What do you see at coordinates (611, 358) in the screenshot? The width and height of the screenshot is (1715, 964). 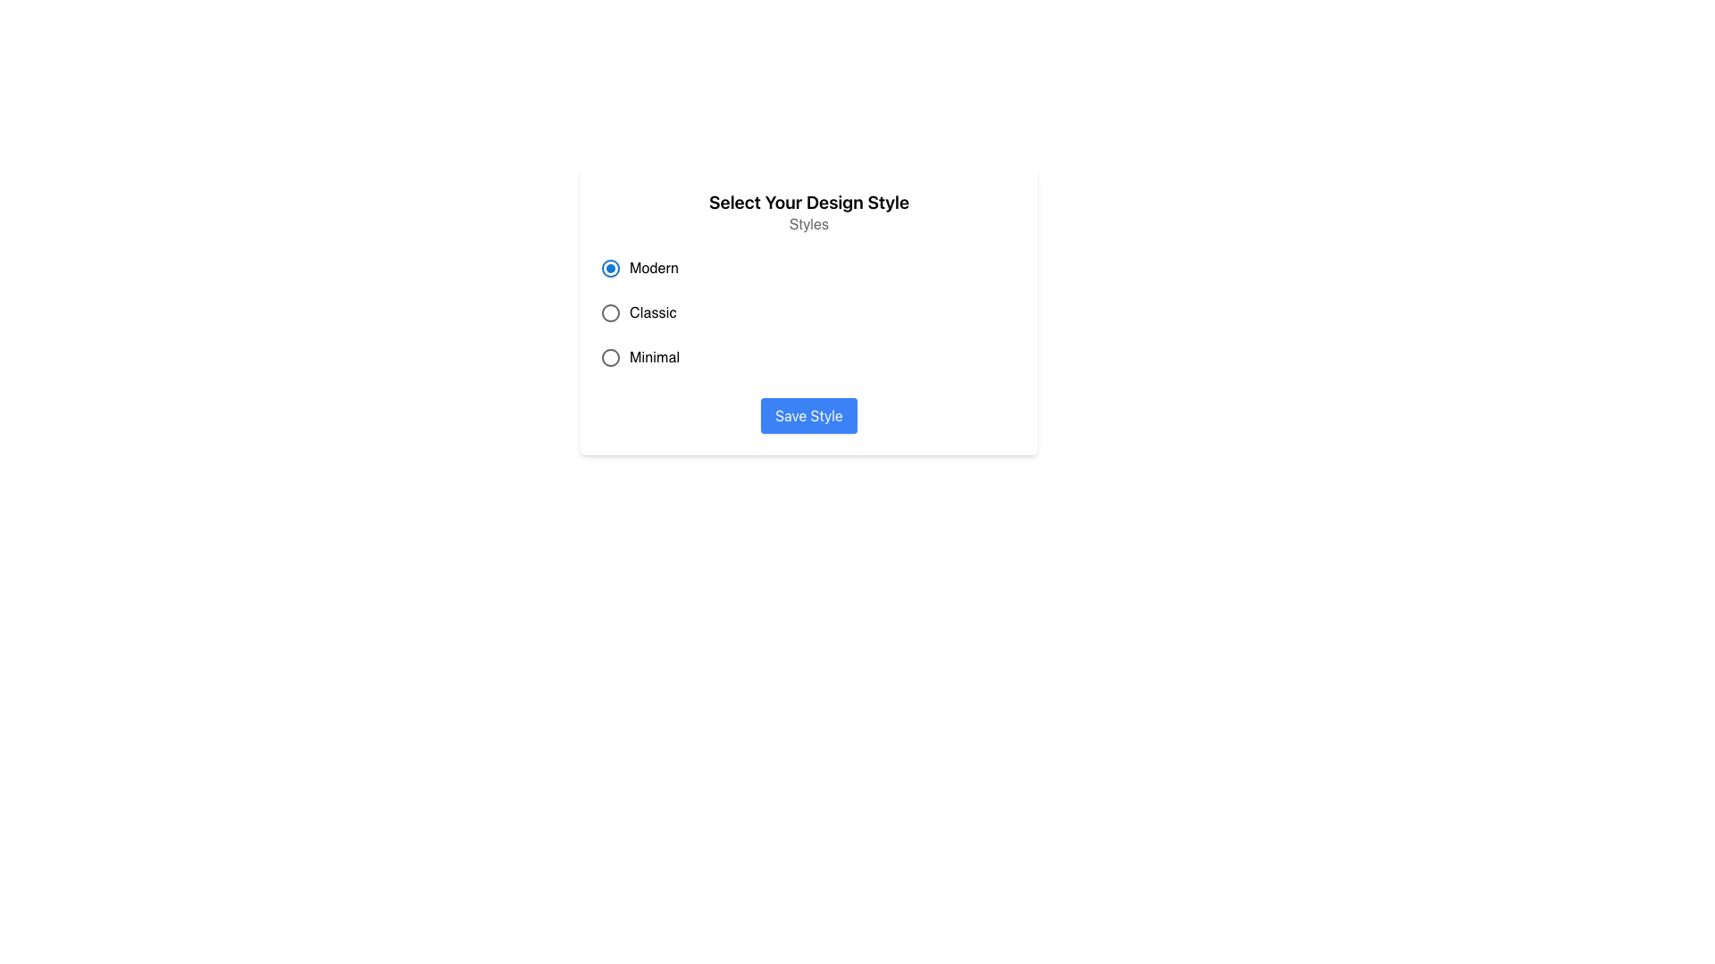 I see `the third radio button labeled 'Minimal'` at bounding box center [611, 358].